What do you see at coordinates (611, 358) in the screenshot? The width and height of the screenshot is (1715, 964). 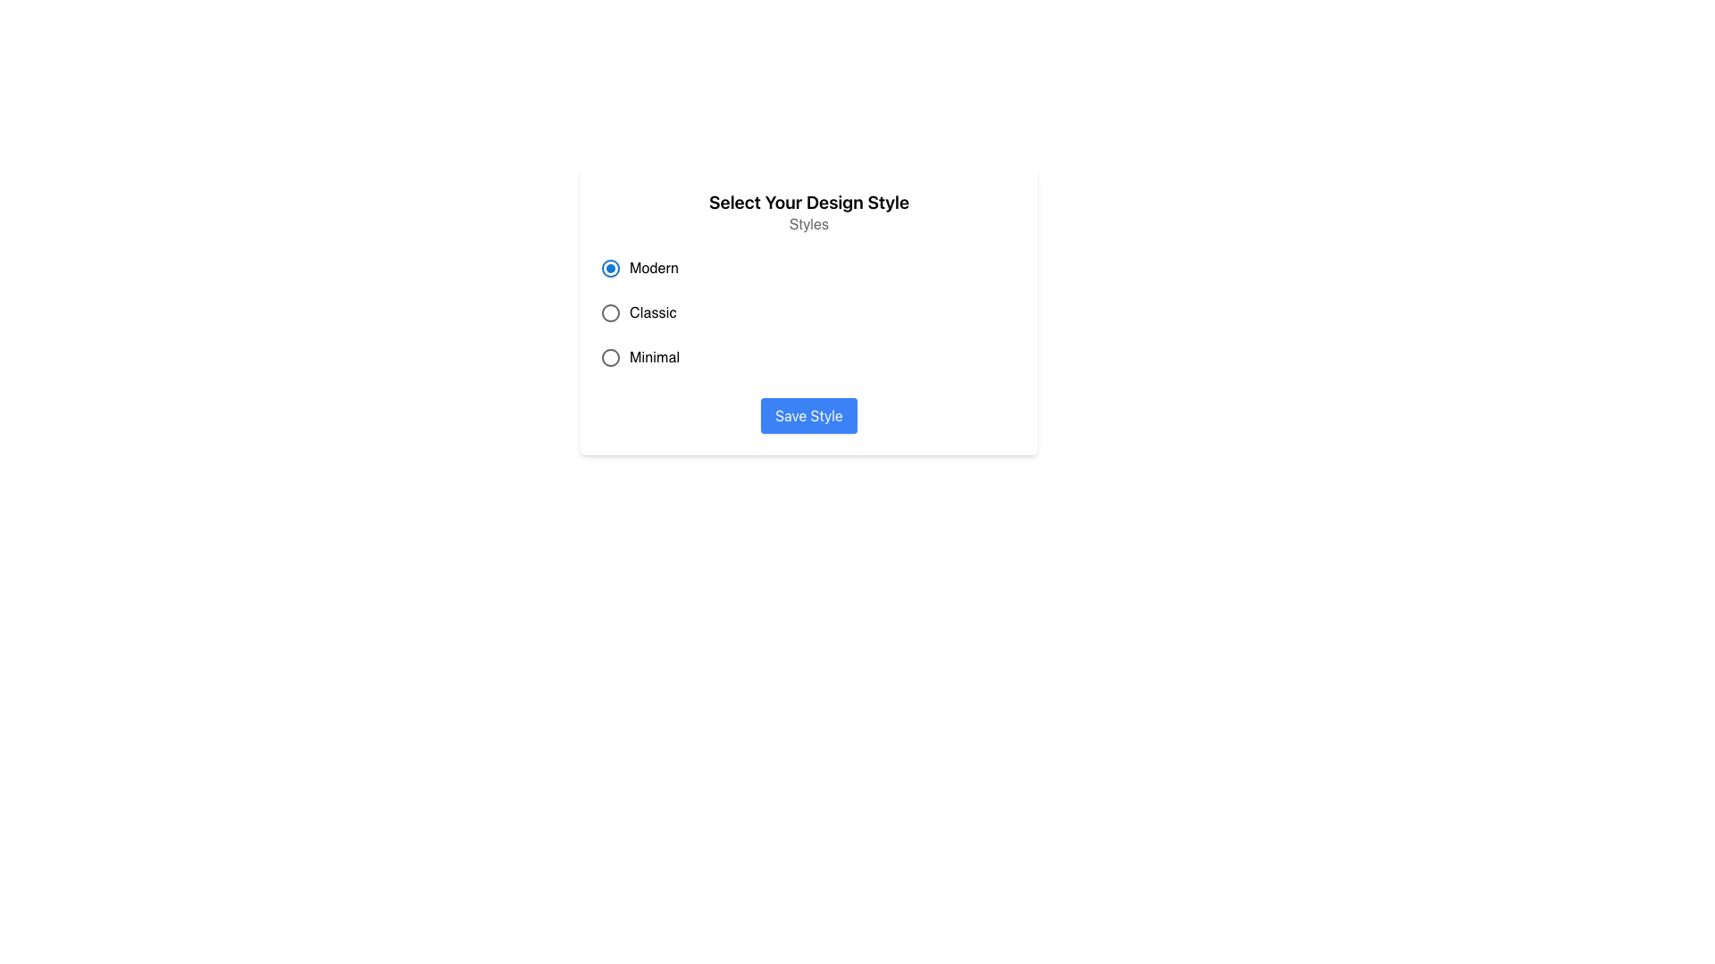 I see `the third radio button labeled 'Minimal'` at bounding box center [611, 358].